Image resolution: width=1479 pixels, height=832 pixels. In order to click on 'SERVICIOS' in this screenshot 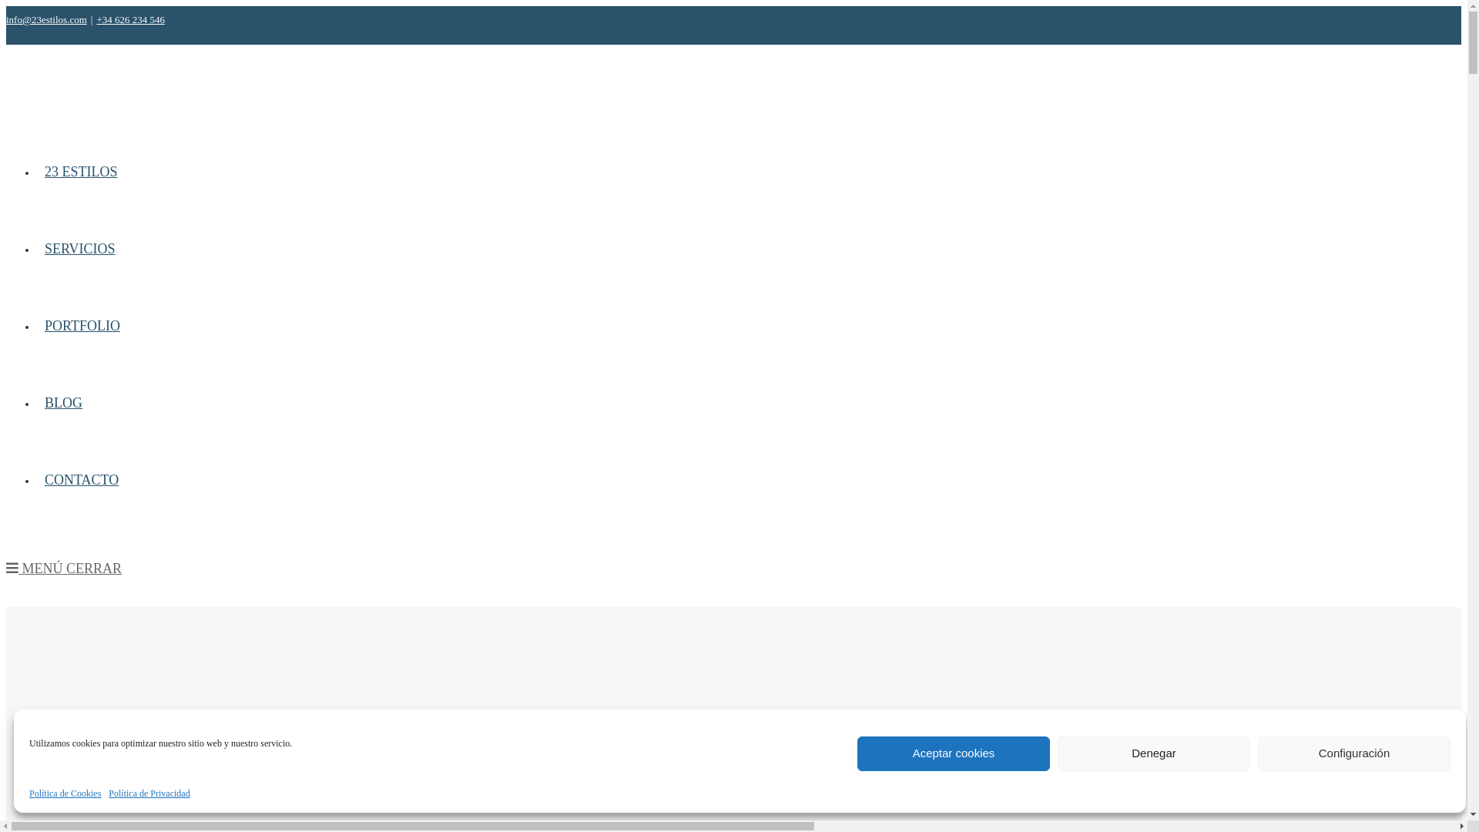, I will do `click(79, 247)`.